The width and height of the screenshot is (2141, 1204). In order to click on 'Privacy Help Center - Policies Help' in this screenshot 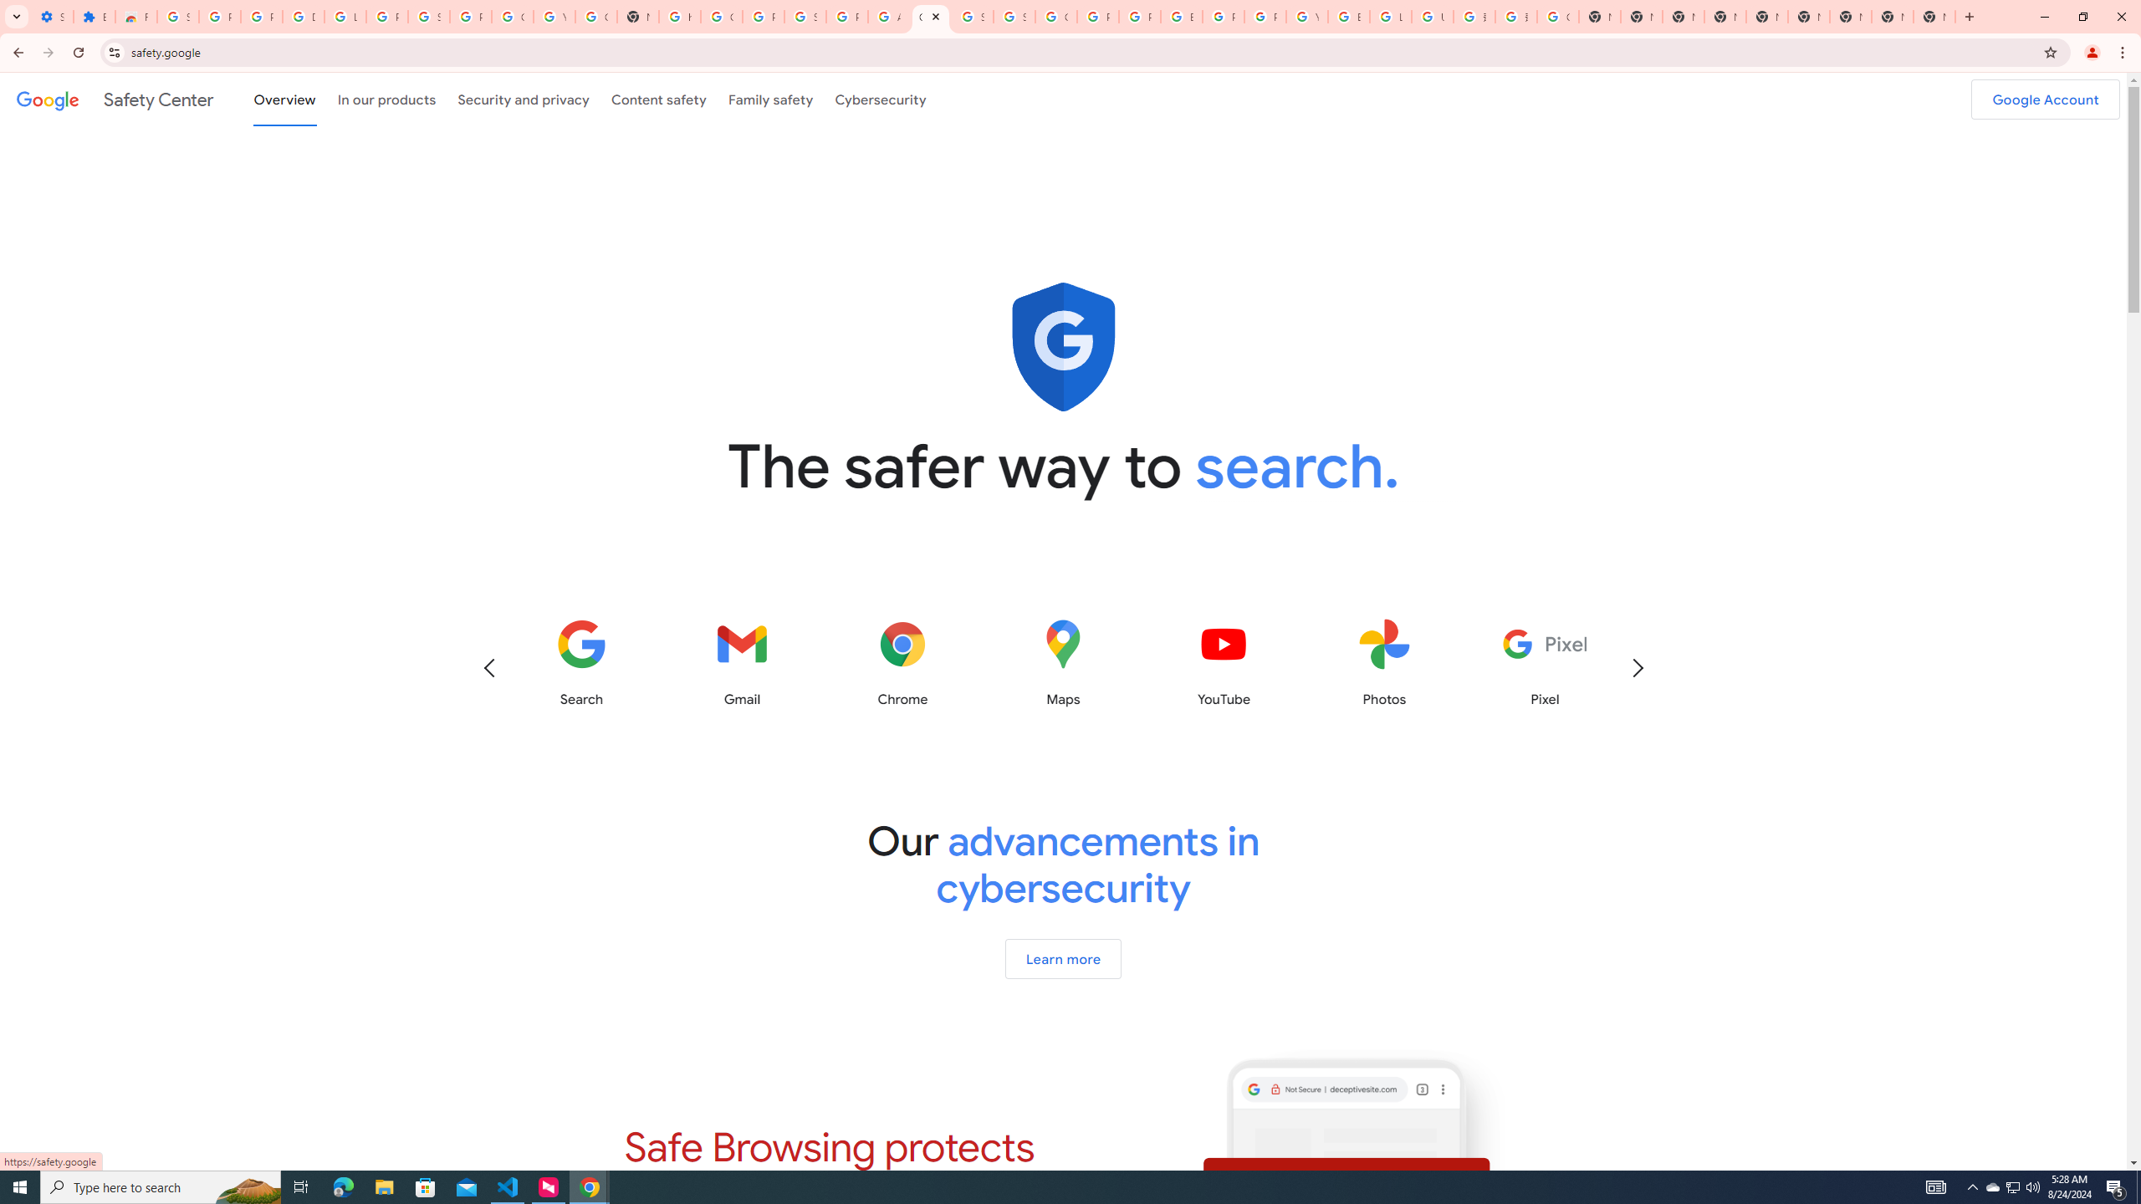, I will do `click(1139, 16)`.